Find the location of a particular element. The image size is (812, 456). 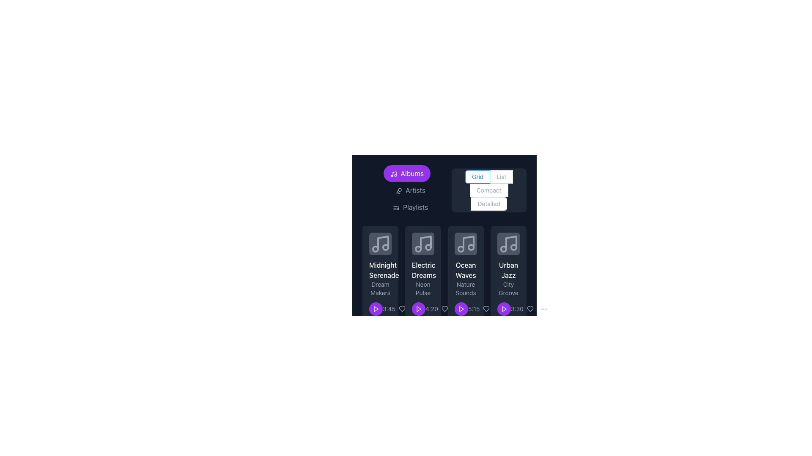

the decorative music icon located on the left side of the 'Albums' button in the navigation options at the top of the layout is located at coordinates (393, 174).